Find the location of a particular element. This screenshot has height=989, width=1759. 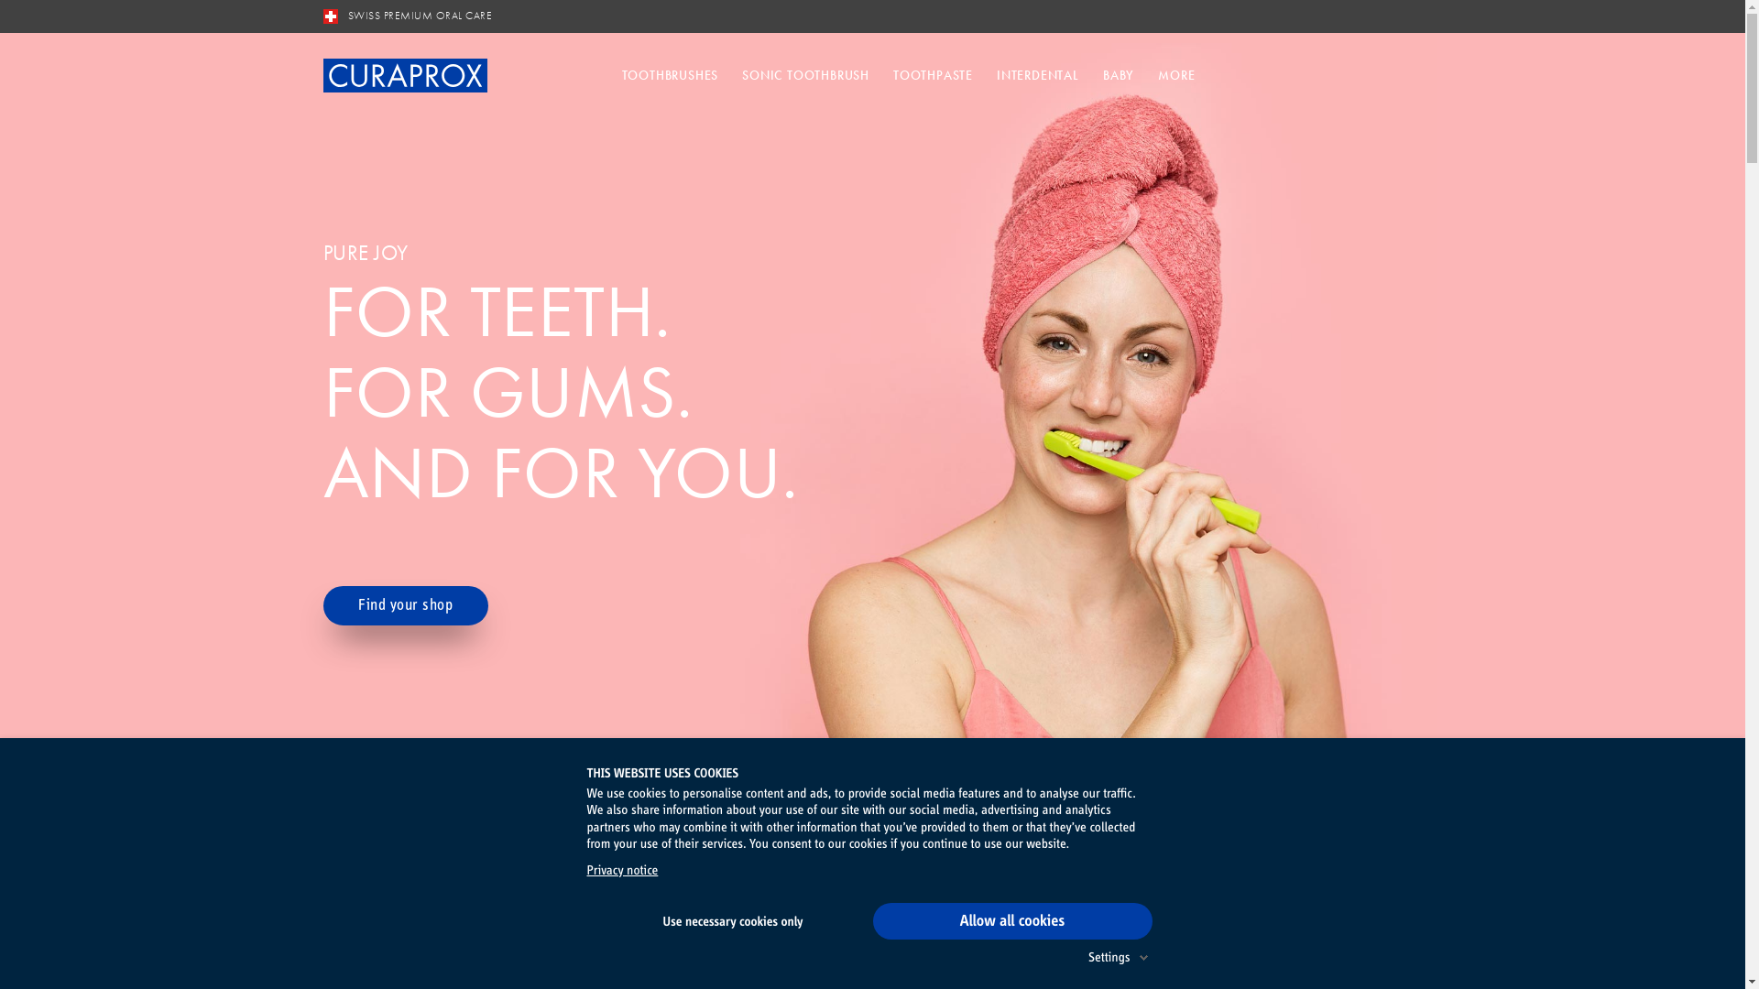

'Privacy notice' is located at coordinates (621, 870).